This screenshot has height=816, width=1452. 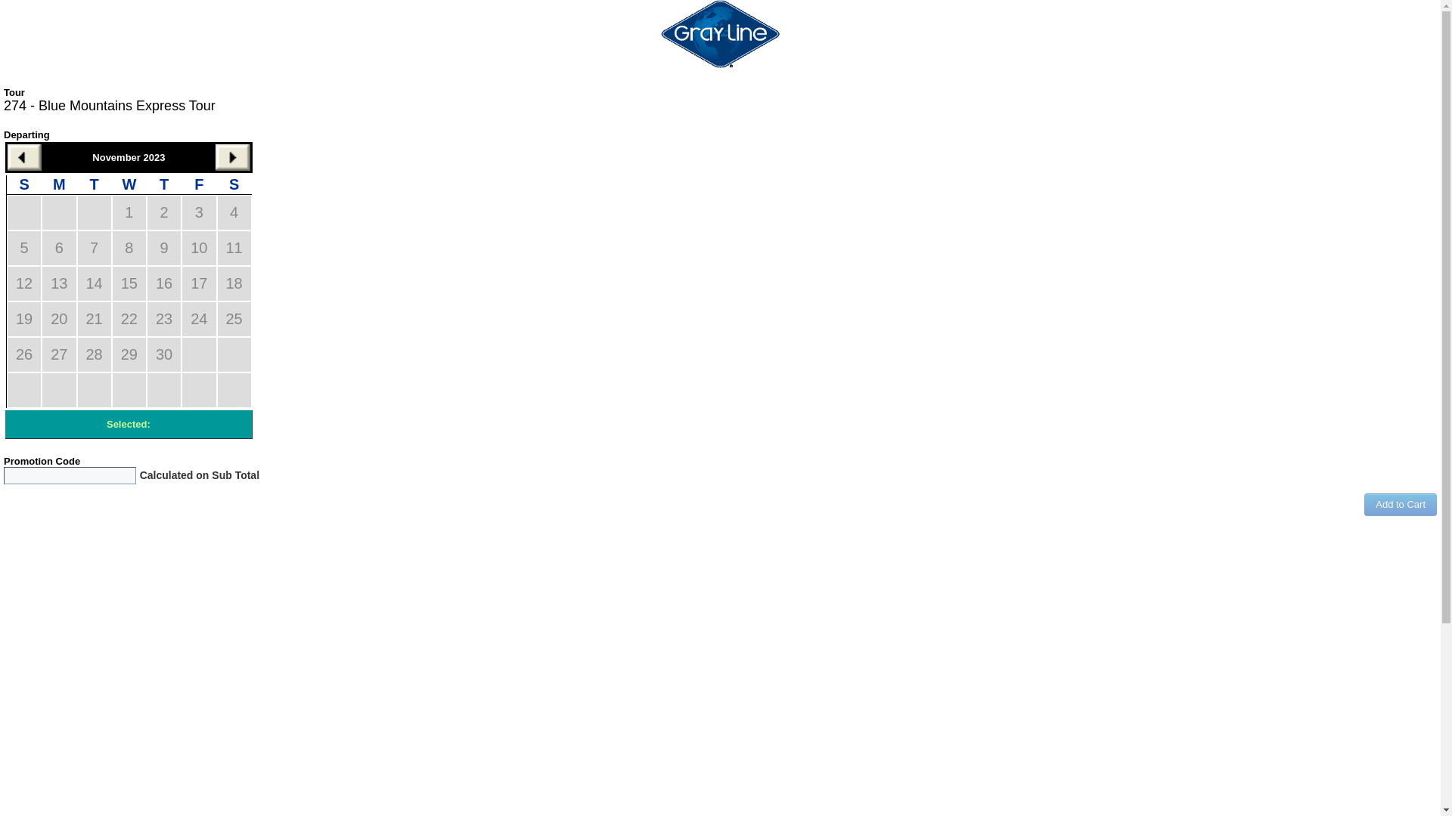 I want to click on 'Add to Cart', so click(x=1400, y=504).